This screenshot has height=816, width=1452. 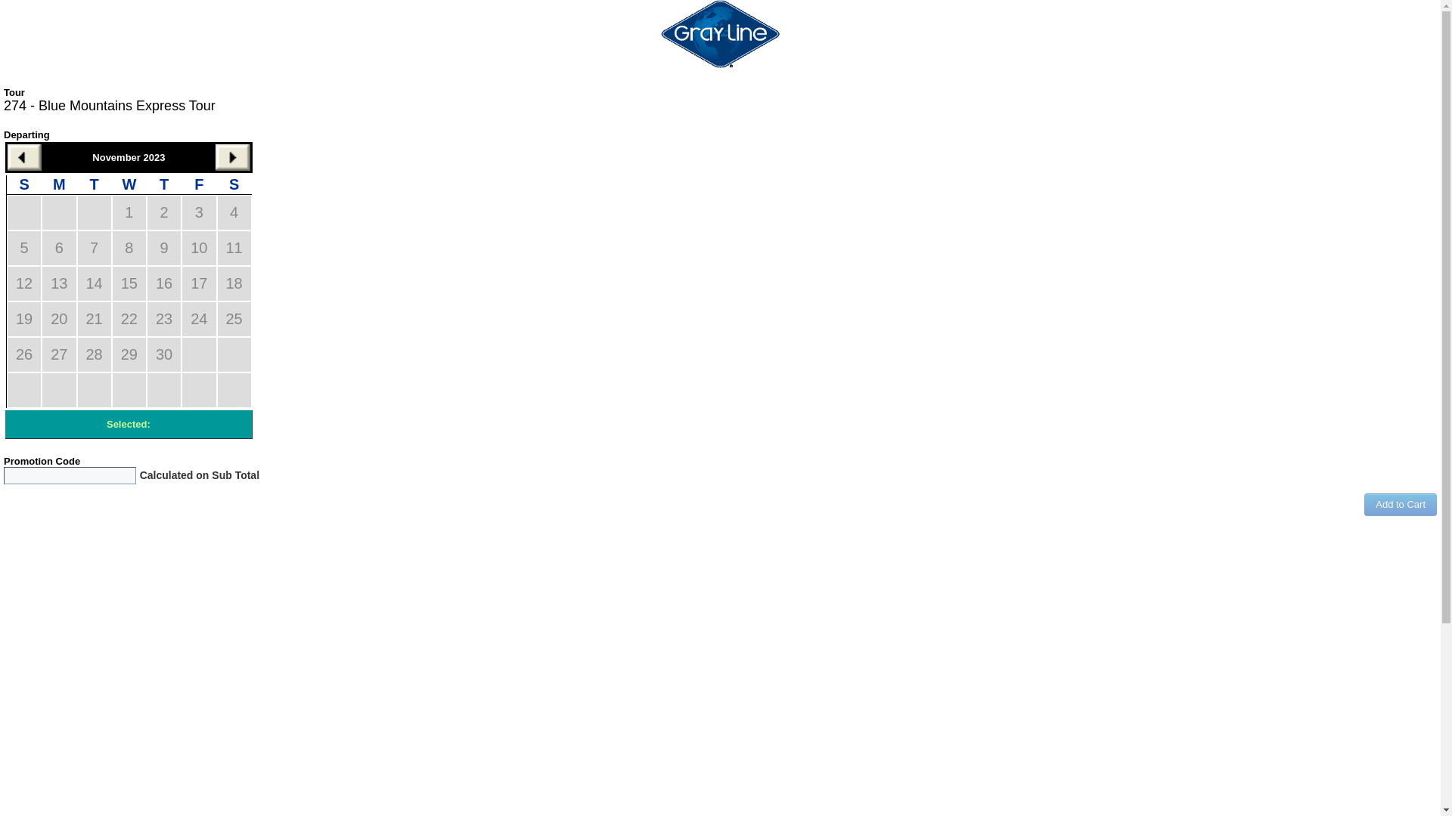 I want to click on 'Add to Cart', so click(x=1400, y=504).